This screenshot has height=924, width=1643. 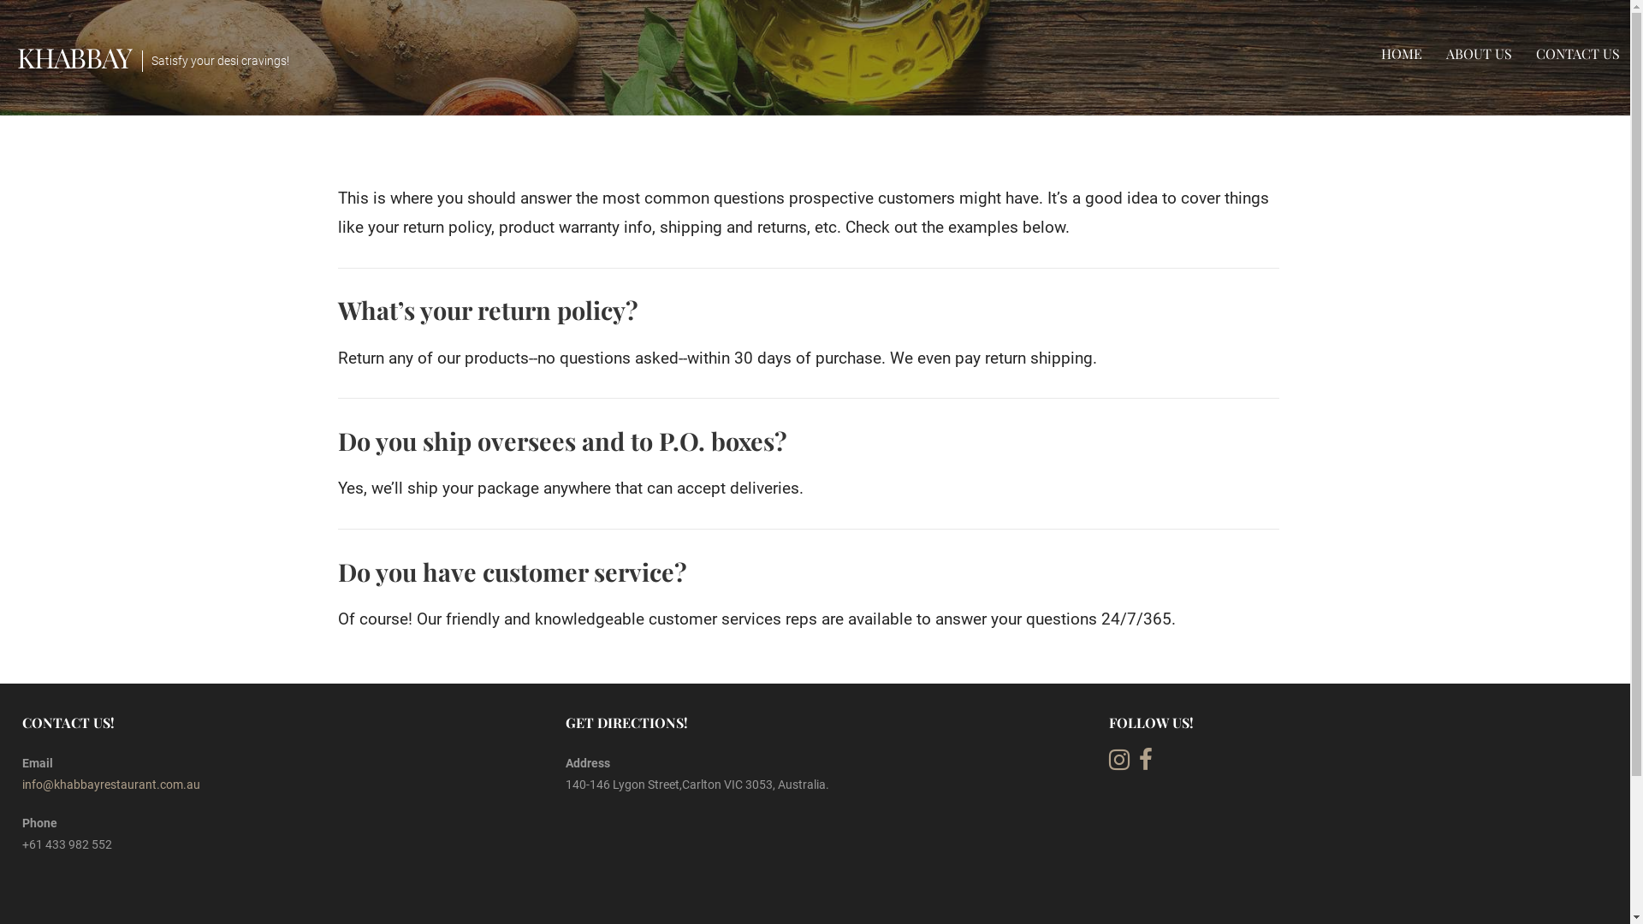 I want to click on 'info@khabbayrestaurant.com.au', so click(x=110, y=785).